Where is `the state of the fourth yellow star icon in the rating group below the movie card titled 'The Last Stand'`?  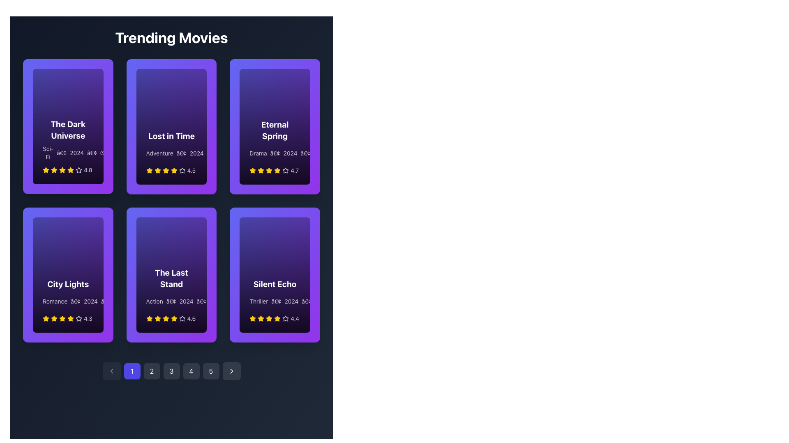 the state of the fourth yellow star icon in the rating group below the movie card titled 'The Last Stand' is located at coordinates (165, 318).